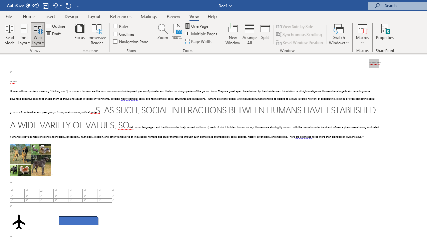  What do you see at coordinates (96, 34) in the screenshot?
I see `'Immersive Reader'` at bounding box center [96, 34].